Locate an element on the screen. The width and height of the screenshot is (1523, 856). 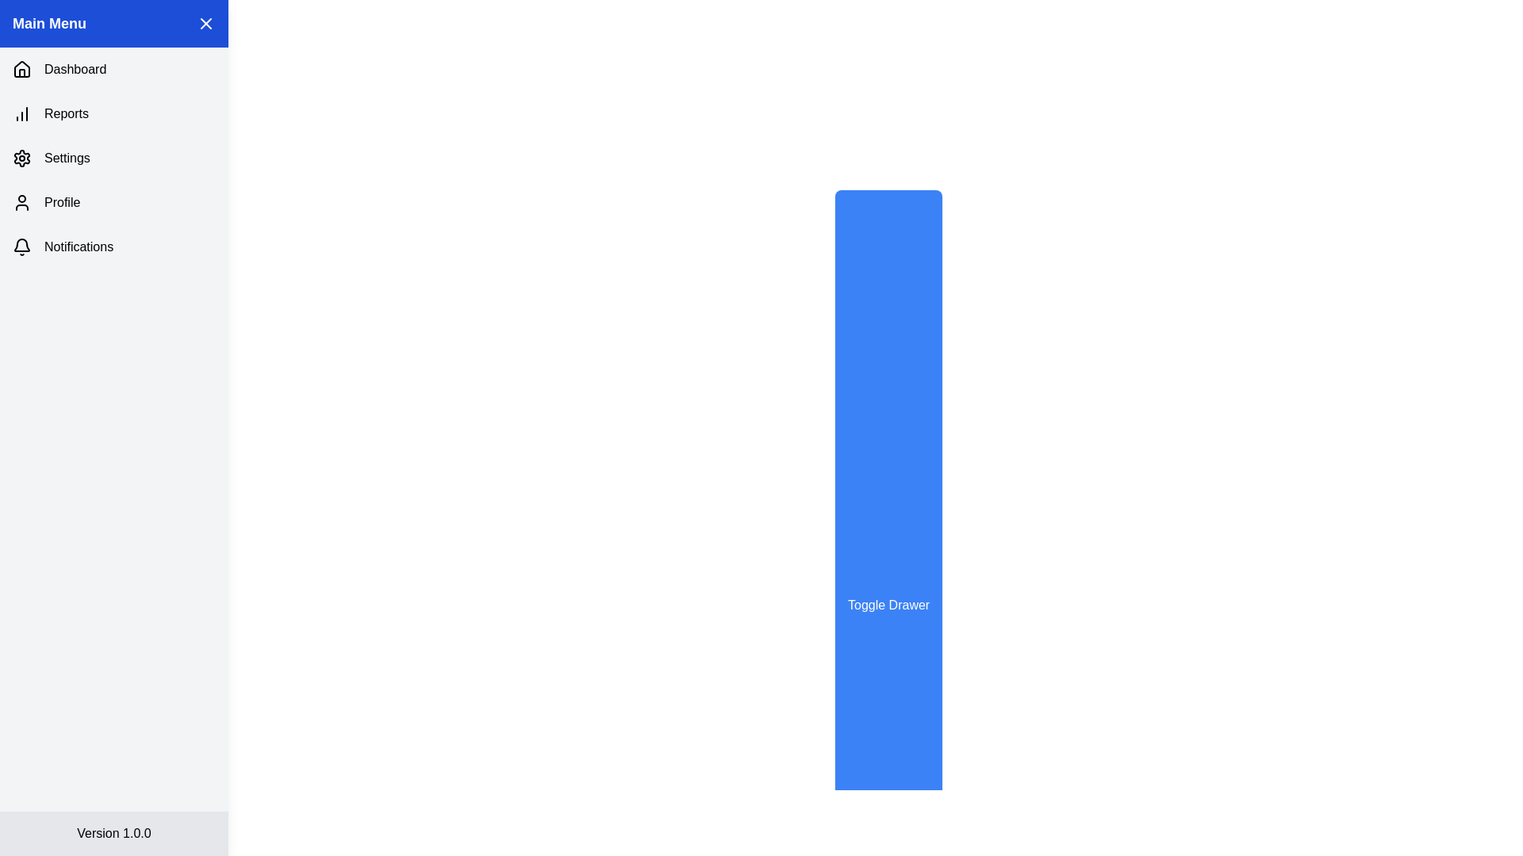
the gear icon representing settings, located in the left sidebar menu under the 'Settings' menu item is located at coordinates (22, 159).